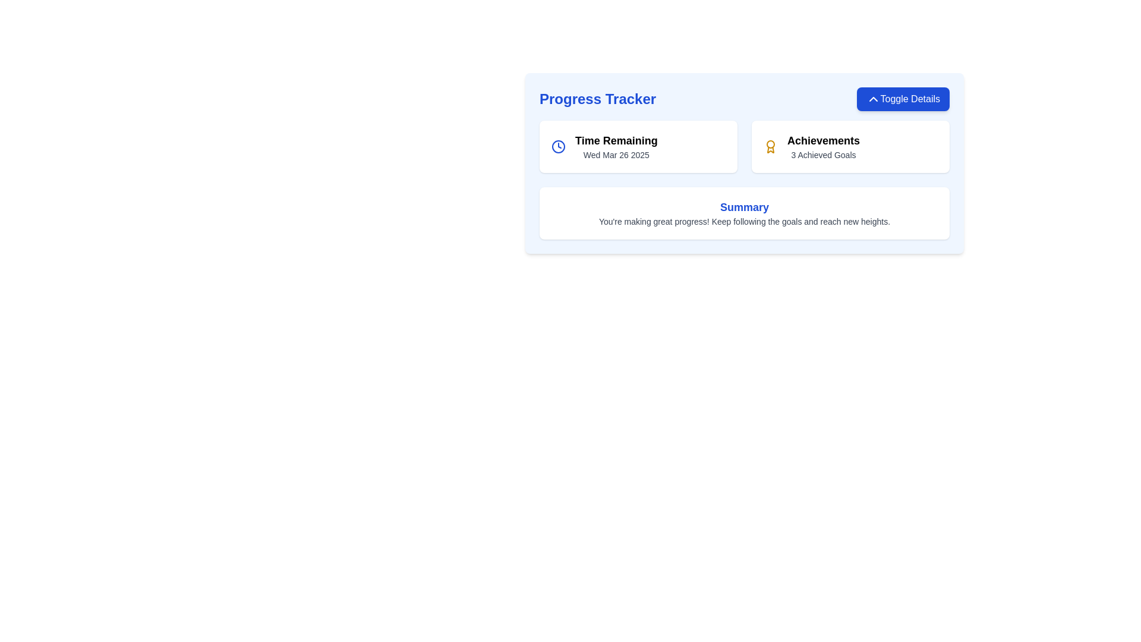 Image resolution: width=1141 pixels, height=642 pixels. What do you see at coordinates (823, 155) in the screenshot?
I see `the text displaying '3 Achieved Goals' located beneath the 'Achievements' title in the top-right card section of the interface` at bounding box center [823, 155].